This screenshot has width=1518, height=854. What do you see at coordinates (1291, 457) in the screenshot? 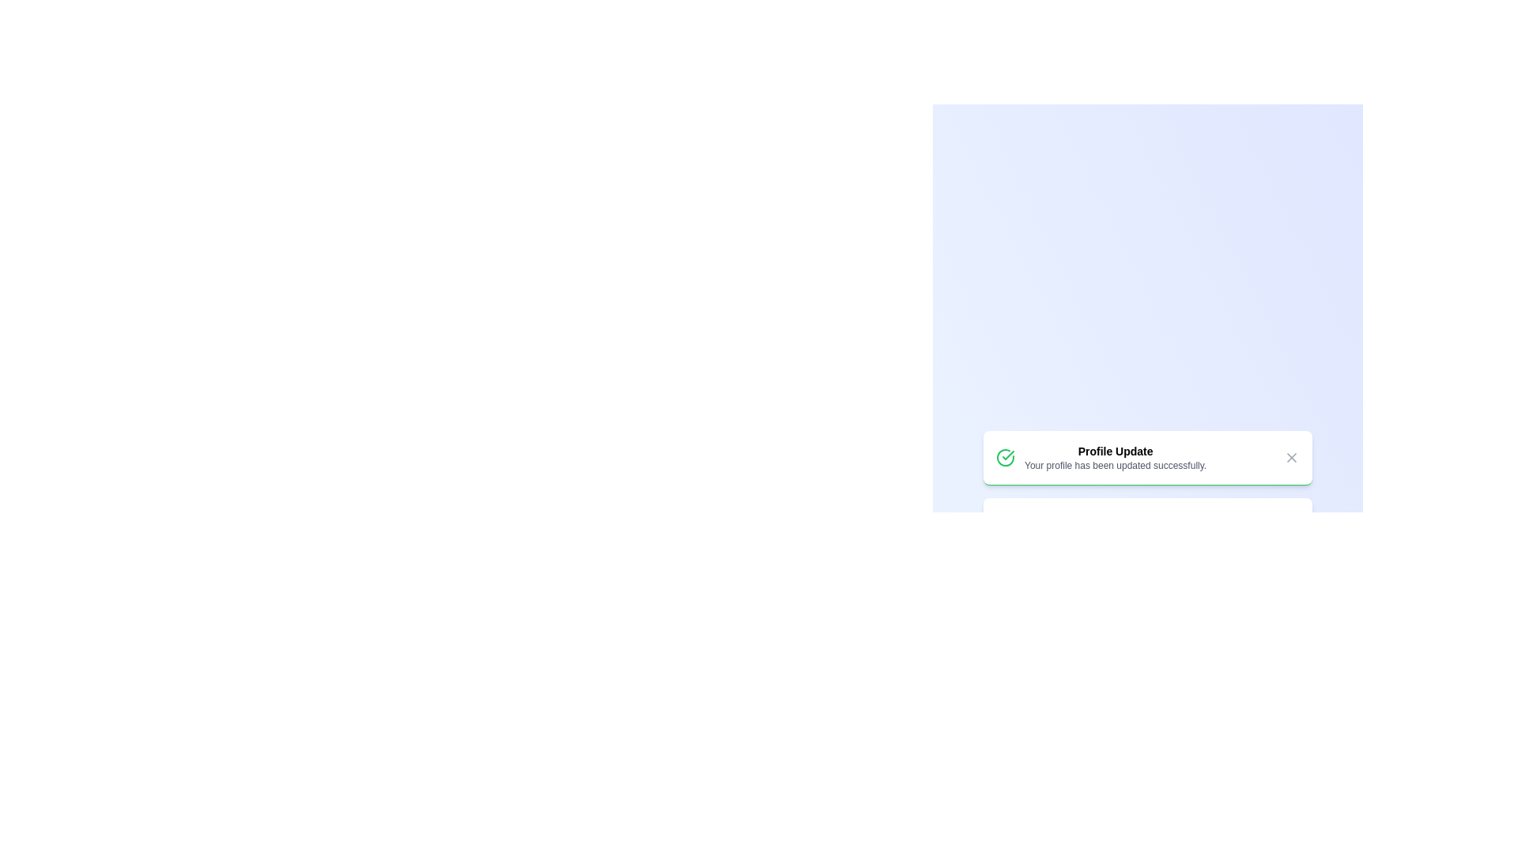
I see `the Close Button Icon located at the bottom-right corner of the notification card` at bounding box center [1291, 457].